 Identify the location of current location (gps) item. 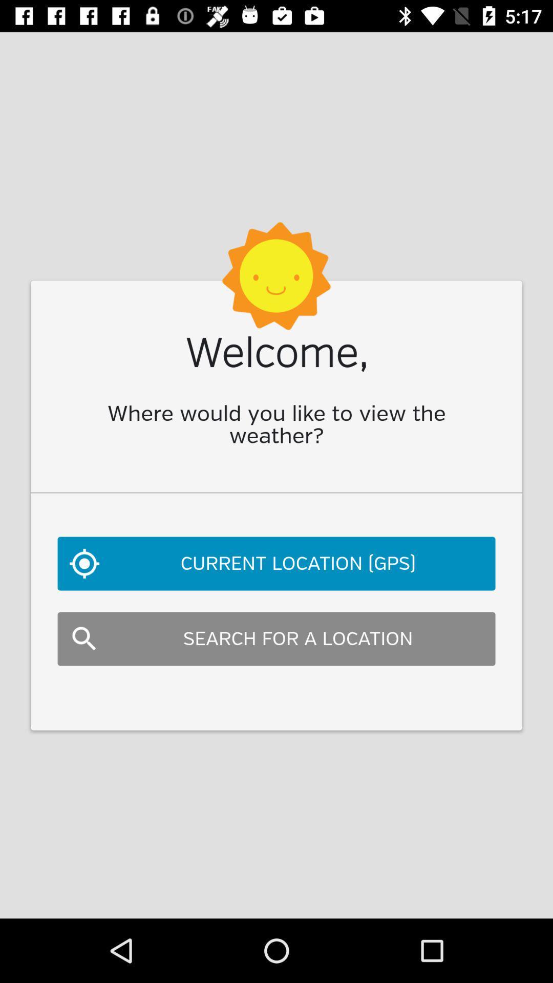
(276, 563).